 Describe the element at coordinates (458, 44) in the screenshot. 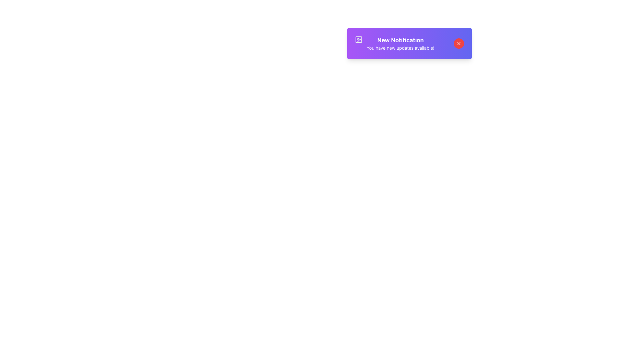

I see `the Close Button located in the upper-right corner of the purple notification card` at that location.